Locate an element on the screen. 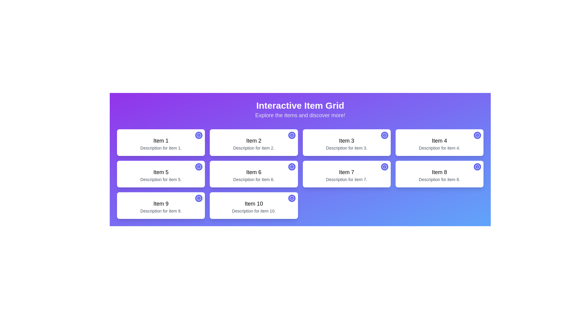 The width and height of the screenshot is (582, 327). the Card with additional details button that displays 'Item 10' and has an info button in the top-right corner is located at coordinates (254, 205).